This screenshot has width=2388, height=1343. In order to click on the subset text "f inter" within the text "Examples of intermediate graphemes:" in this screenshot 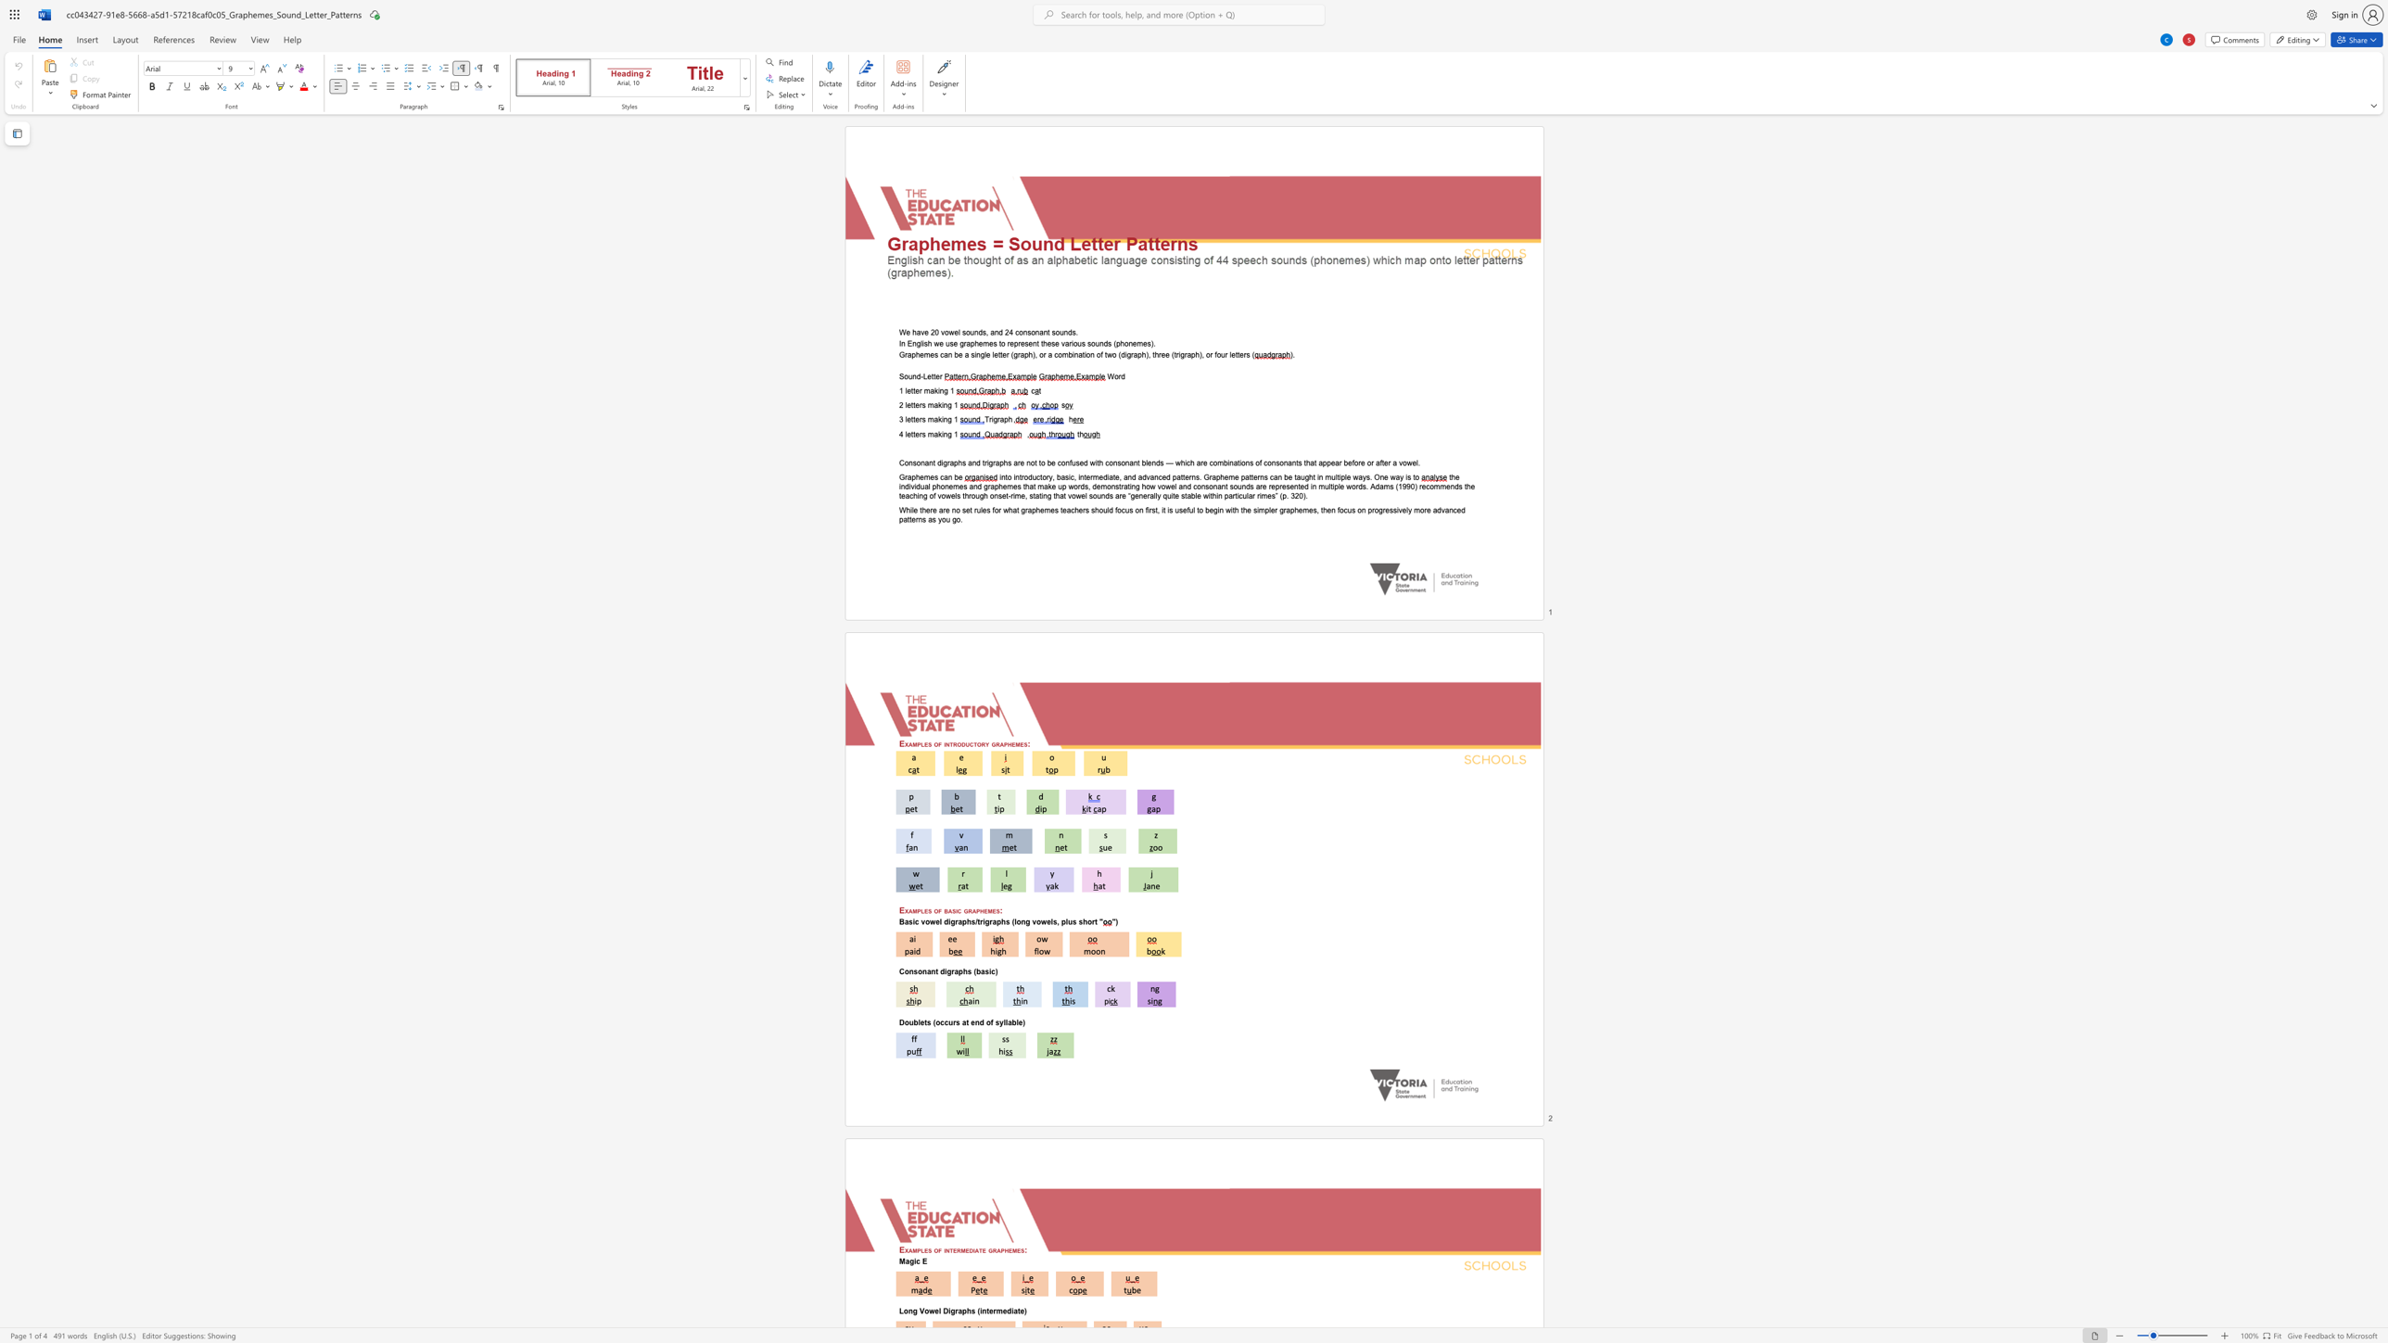, I will do `click(938, 1249)`.